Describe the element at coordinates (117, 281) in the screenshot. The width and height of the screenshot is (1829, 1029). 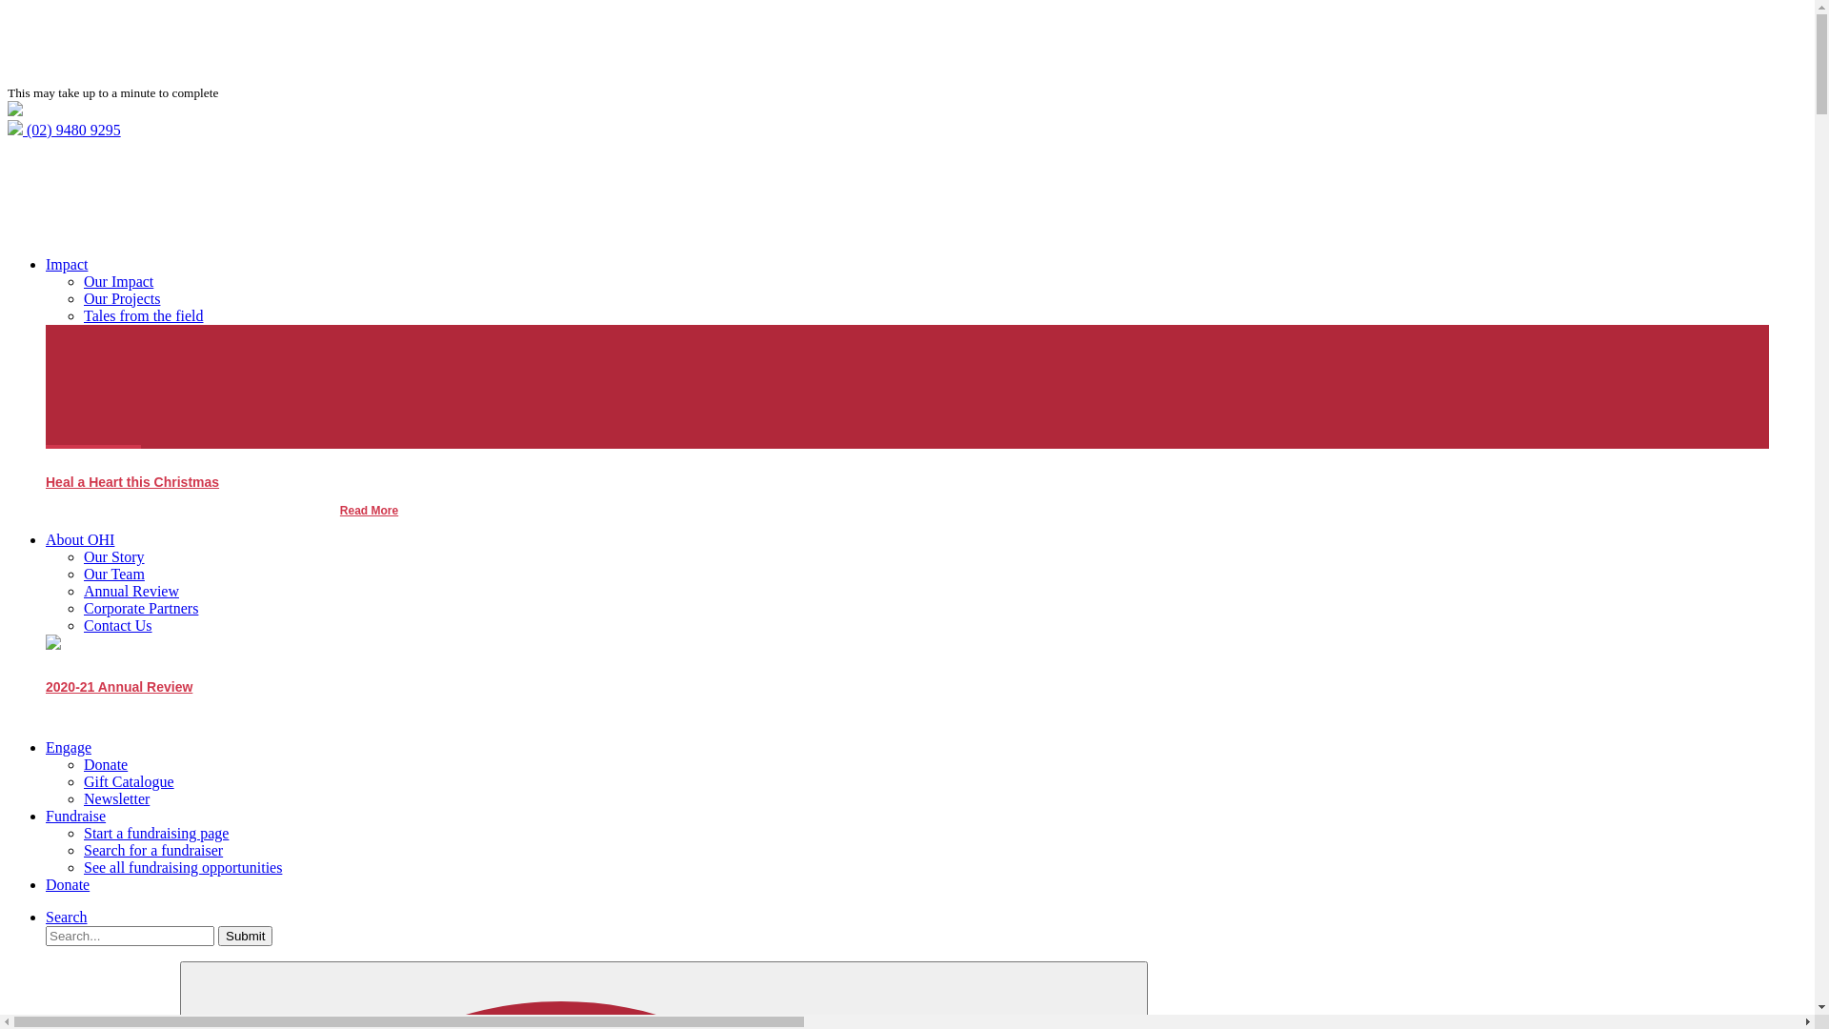
I see `'Our Impact'` at that location.